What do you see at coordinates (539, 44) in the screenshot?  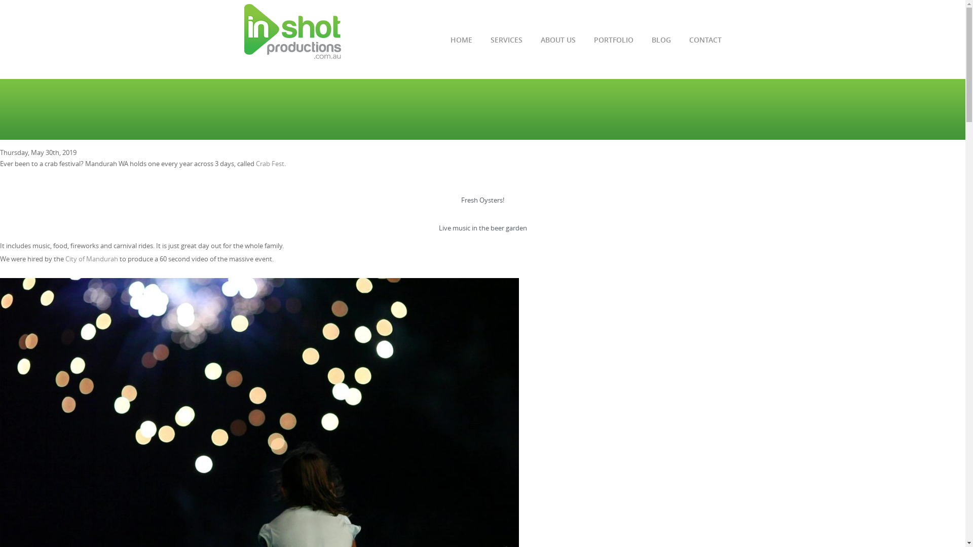 I see `'ABOUT US'` at bounding box center [539, 44].